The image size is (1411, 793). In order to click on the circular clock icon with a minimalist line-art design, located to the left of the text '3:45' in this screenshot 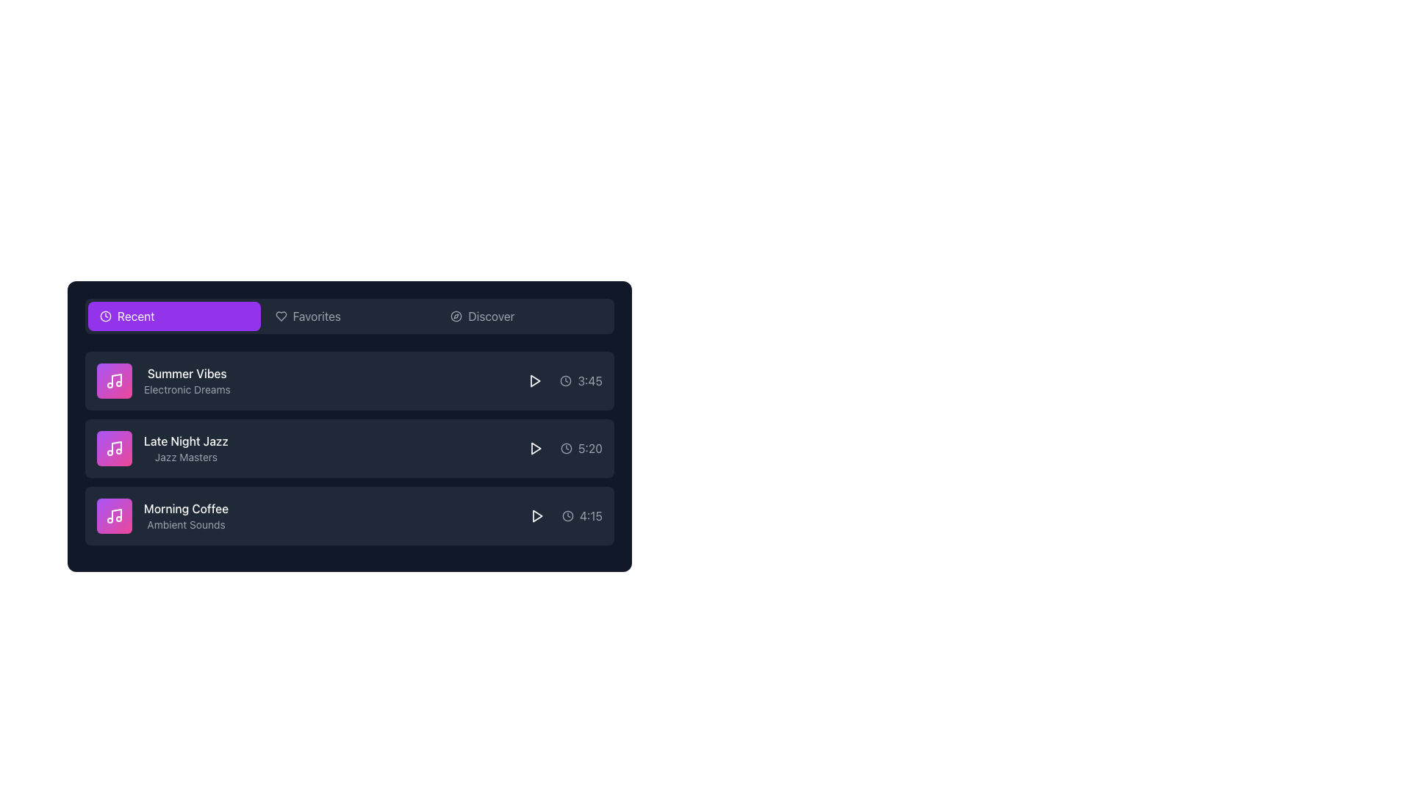, I will do `click(565, 380)`.